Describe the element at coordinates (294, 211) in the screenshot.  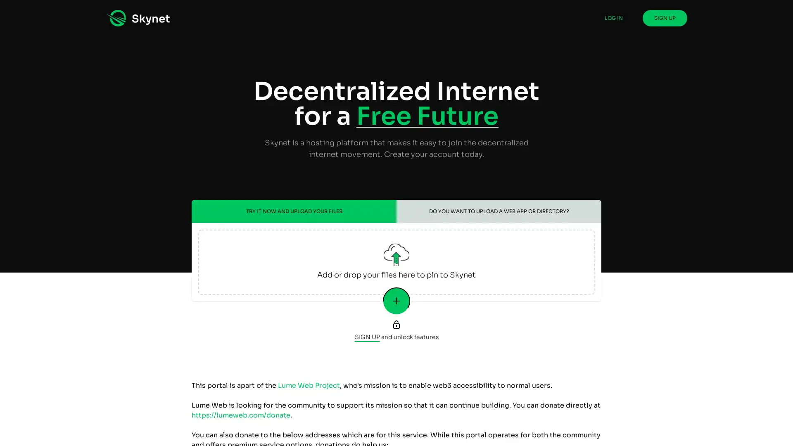
I see `TRY IT NOW AND UPLOAD YOUR FILES` at that location.